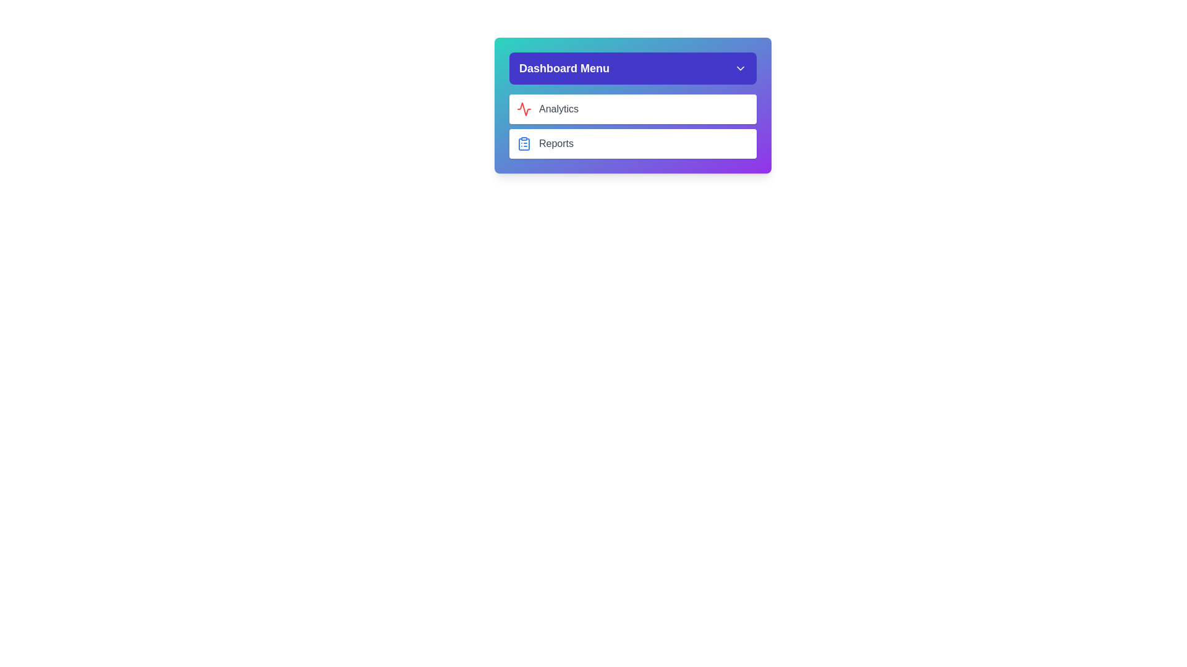  Describe the element at coordinates (632, 143) in the screenshot. I see `the 'Reports' button` at that location.